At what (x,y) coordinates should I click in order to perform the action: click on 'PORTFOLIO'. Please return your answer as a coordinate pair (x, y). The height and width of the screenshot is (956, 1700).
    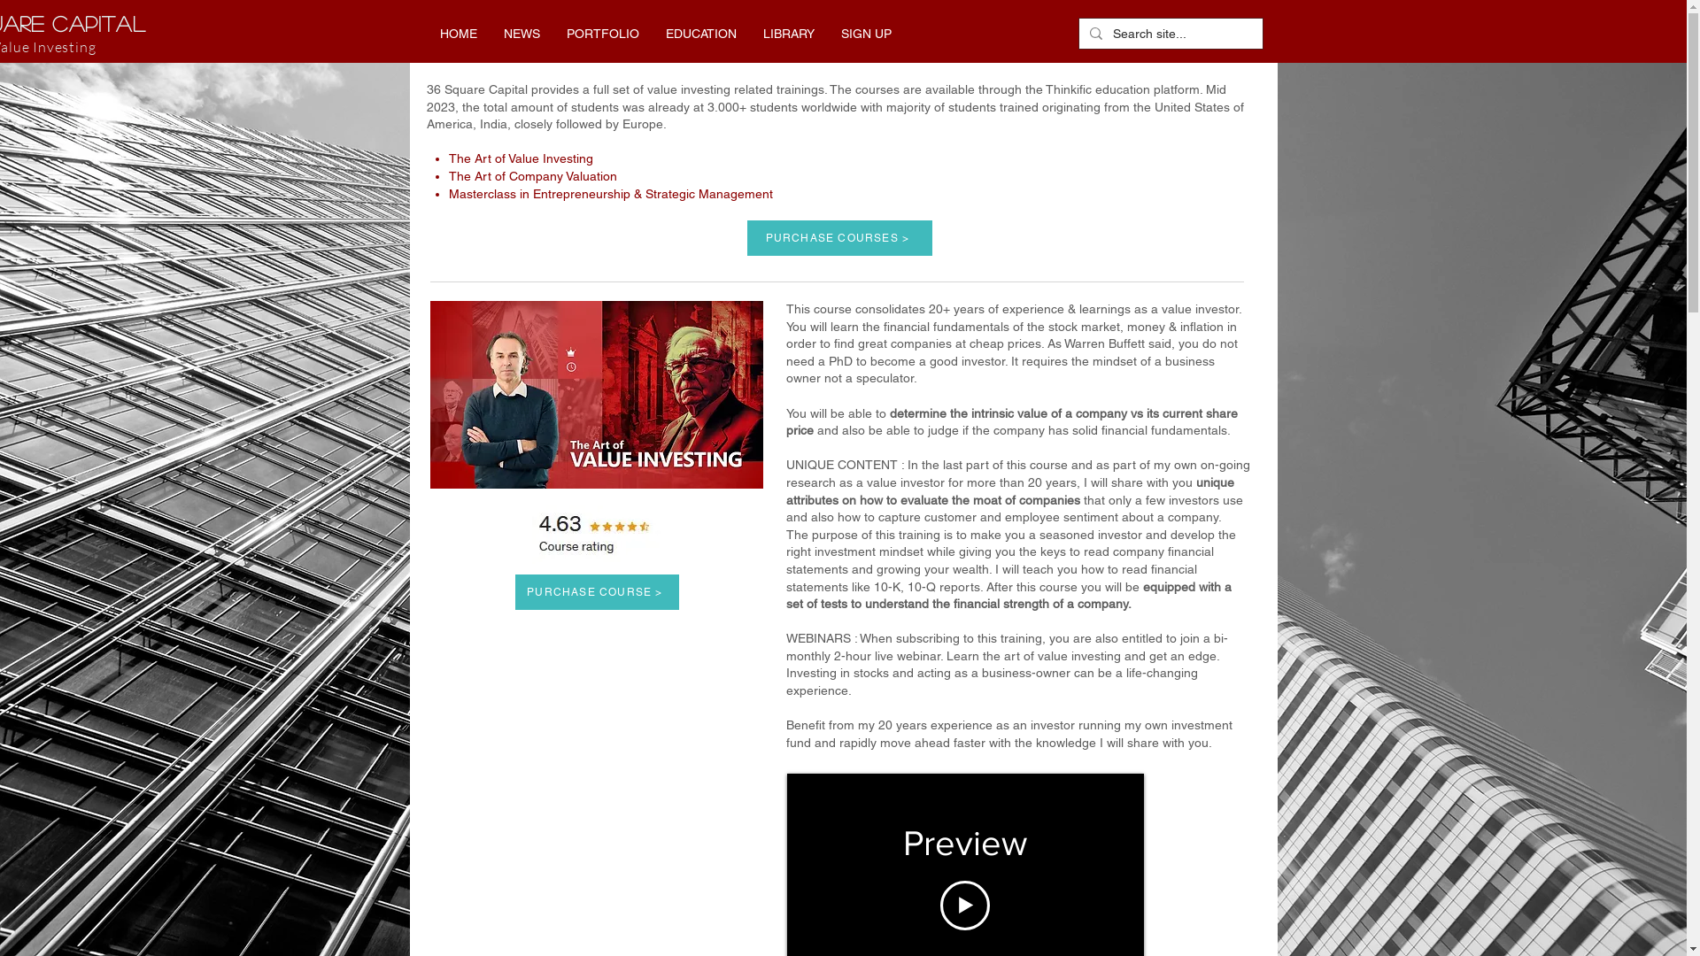
    Looking at the image, I should click on (602, 34).